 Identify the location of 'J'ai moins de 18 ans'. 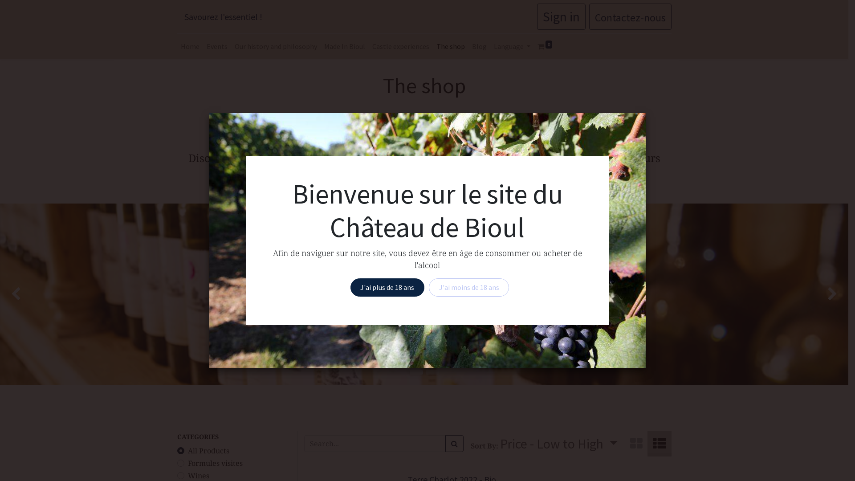
(429, 287).